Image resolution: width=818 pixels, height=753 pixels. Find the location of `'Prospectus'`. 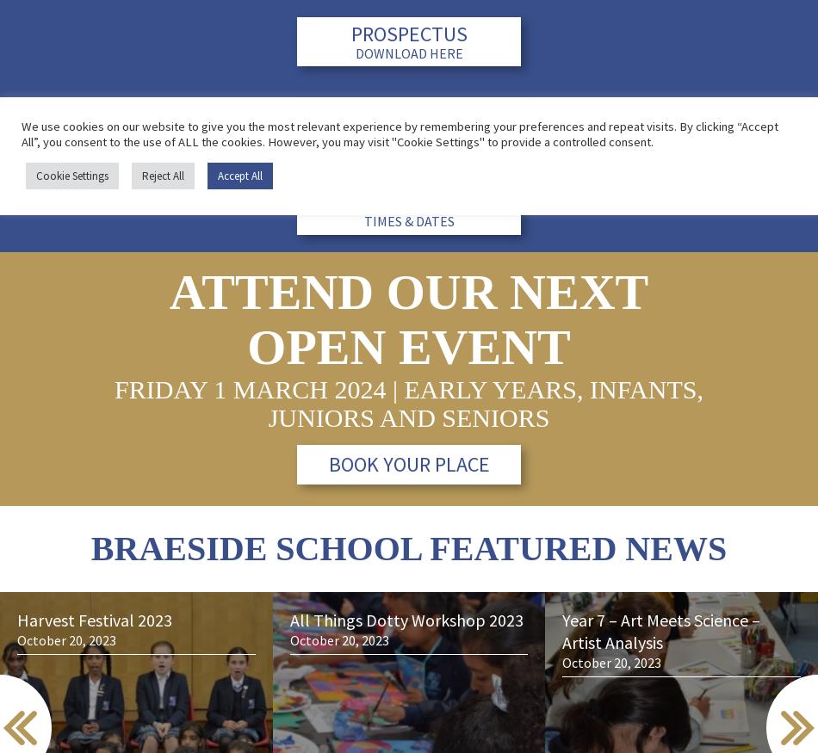

'Prospectus' is located at coordinates (407, 32).